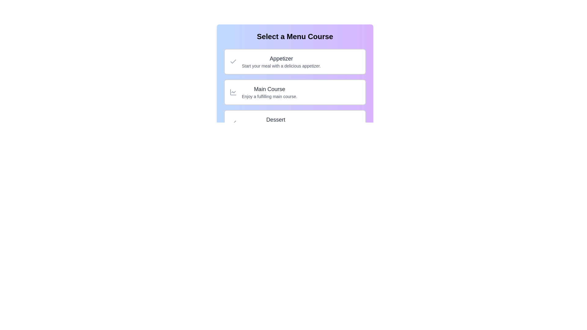  I want to click on the static text label titled 'Appetizer' which serves as a descriptor in the selection menu interface, so click(281, 59).